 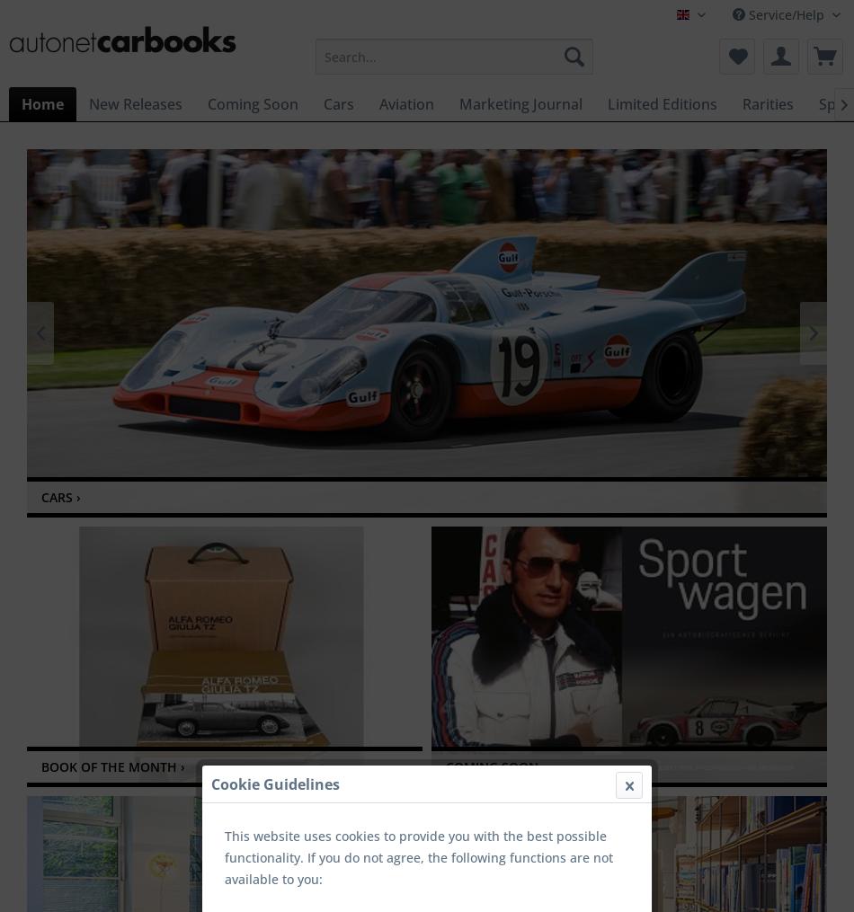 I want to click on 'Cars', so click(x=337, y=102).